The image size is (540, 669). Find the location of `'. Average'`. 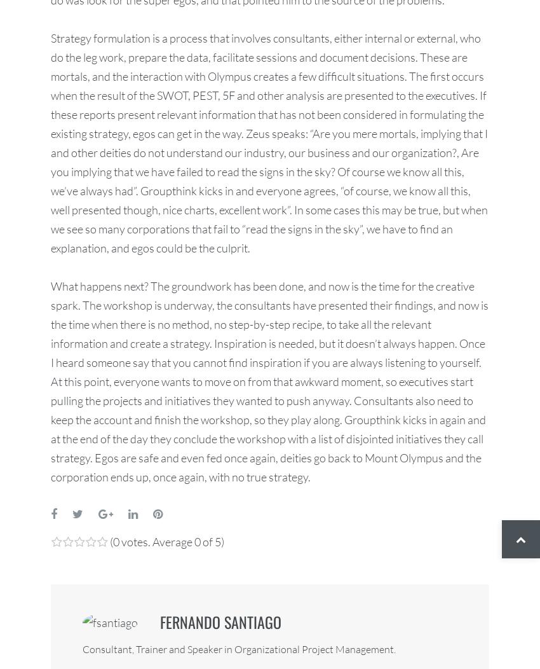

'. Average' is located at coordinates (170, 540).